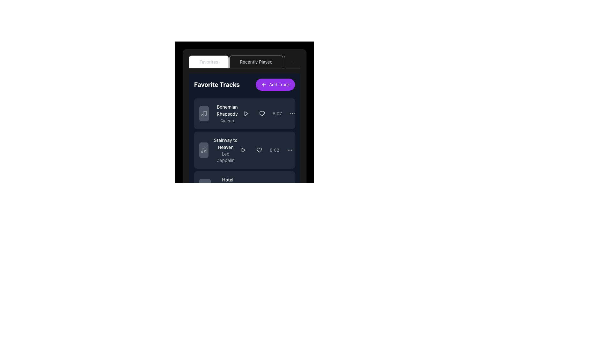  What do you see at coordinates (263, 84) in the screenshot?
I see `the plus icon located to the left of the 'Add Track' text label within the 'Add Track' button in the top-right section of the 'Favorite Tracks' panel` at bounding box center [263, 84].